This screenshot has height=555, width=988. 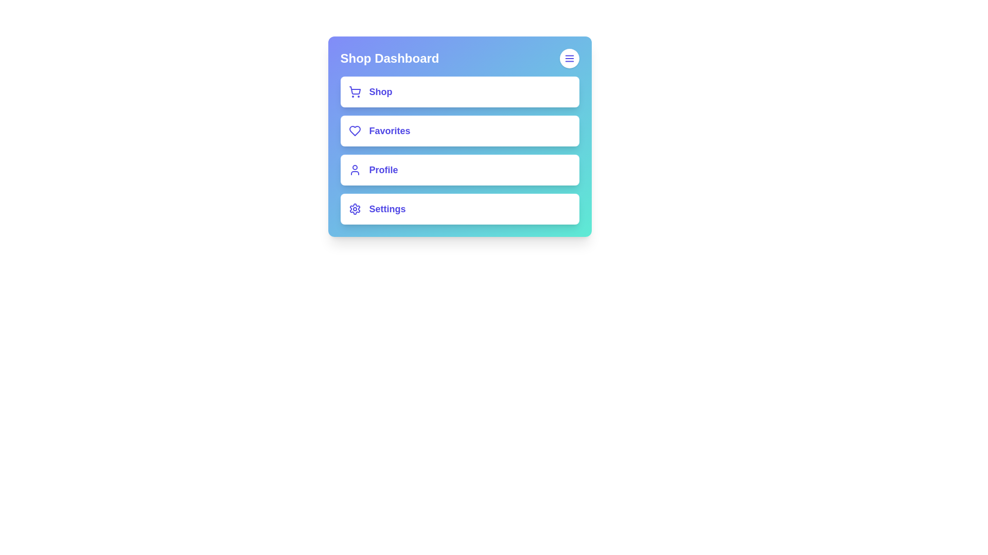 I want to click on the menu button in the header to toggle the menu visibility, so click(x=569, y=59).